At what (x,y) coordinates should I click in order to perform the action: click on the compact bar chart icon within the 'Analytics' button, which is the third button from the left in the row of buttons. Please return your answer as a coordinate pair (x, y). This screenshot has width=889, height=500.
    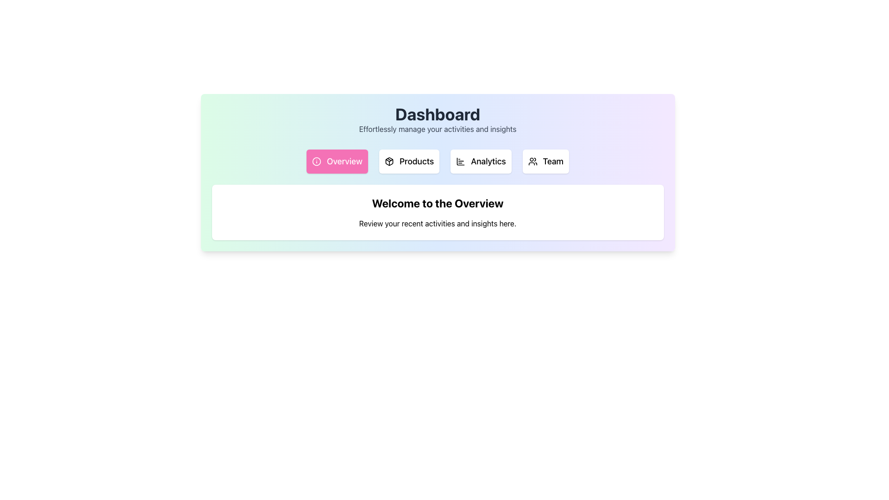
    Looking at the image, I should click on (461, 161).